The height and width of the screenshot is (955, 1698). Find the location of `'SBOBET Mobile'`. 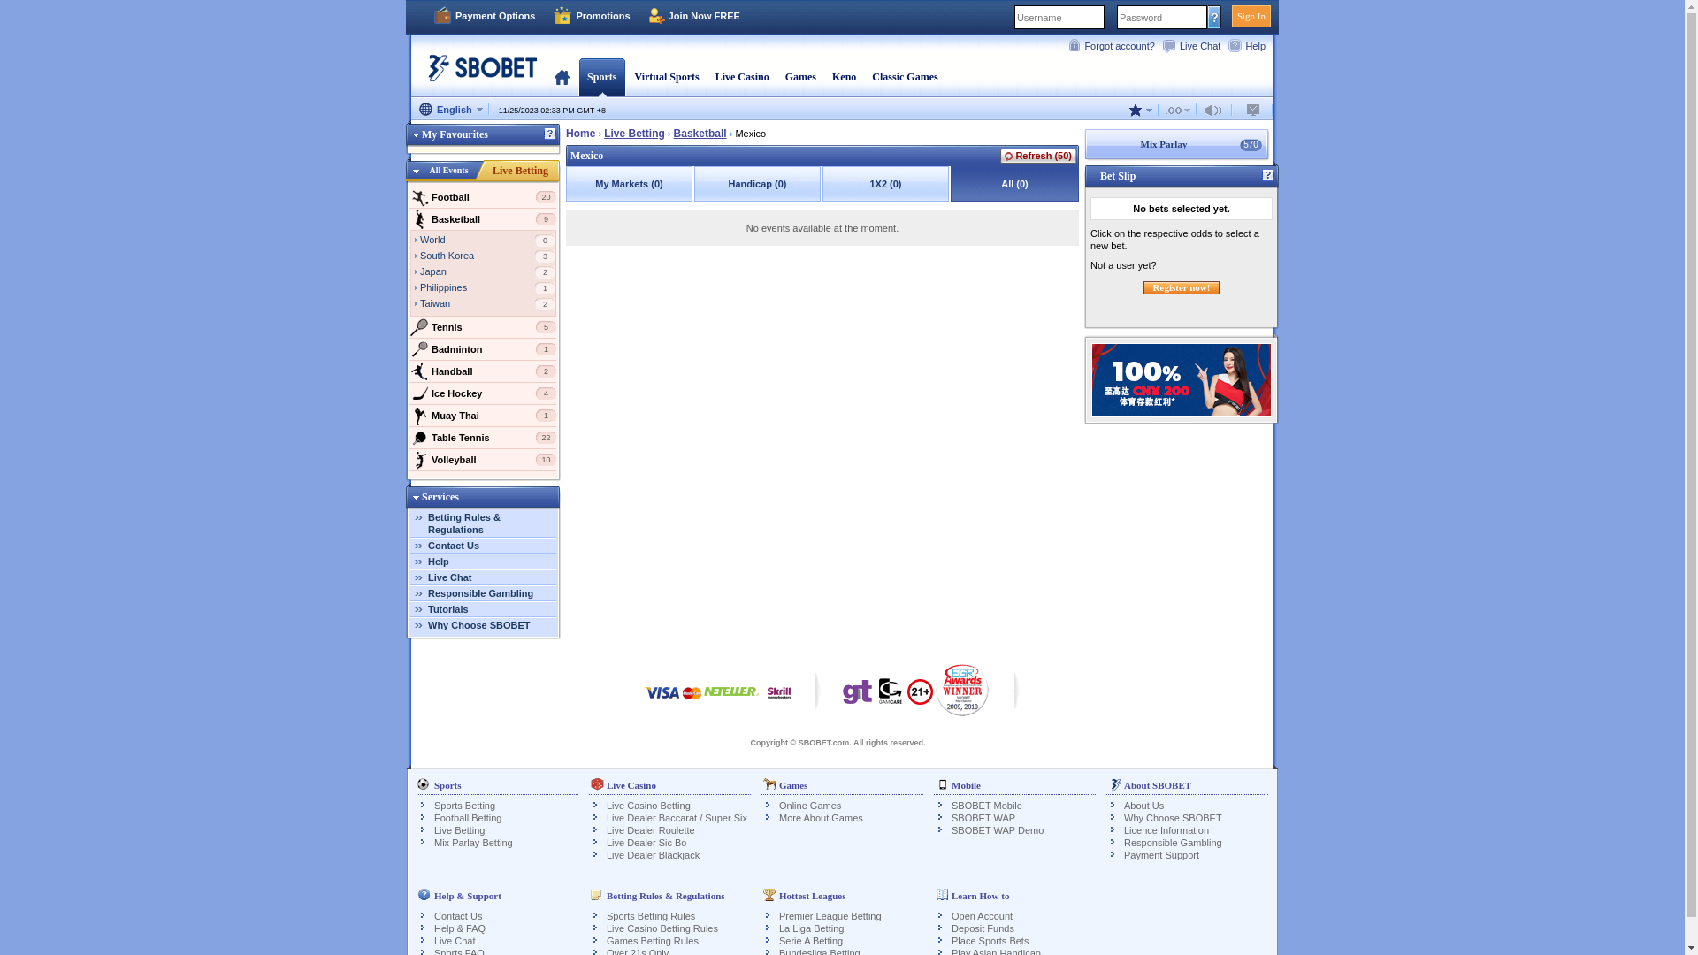

'SBOBET Mobile' is located at coordinates (986, 805).